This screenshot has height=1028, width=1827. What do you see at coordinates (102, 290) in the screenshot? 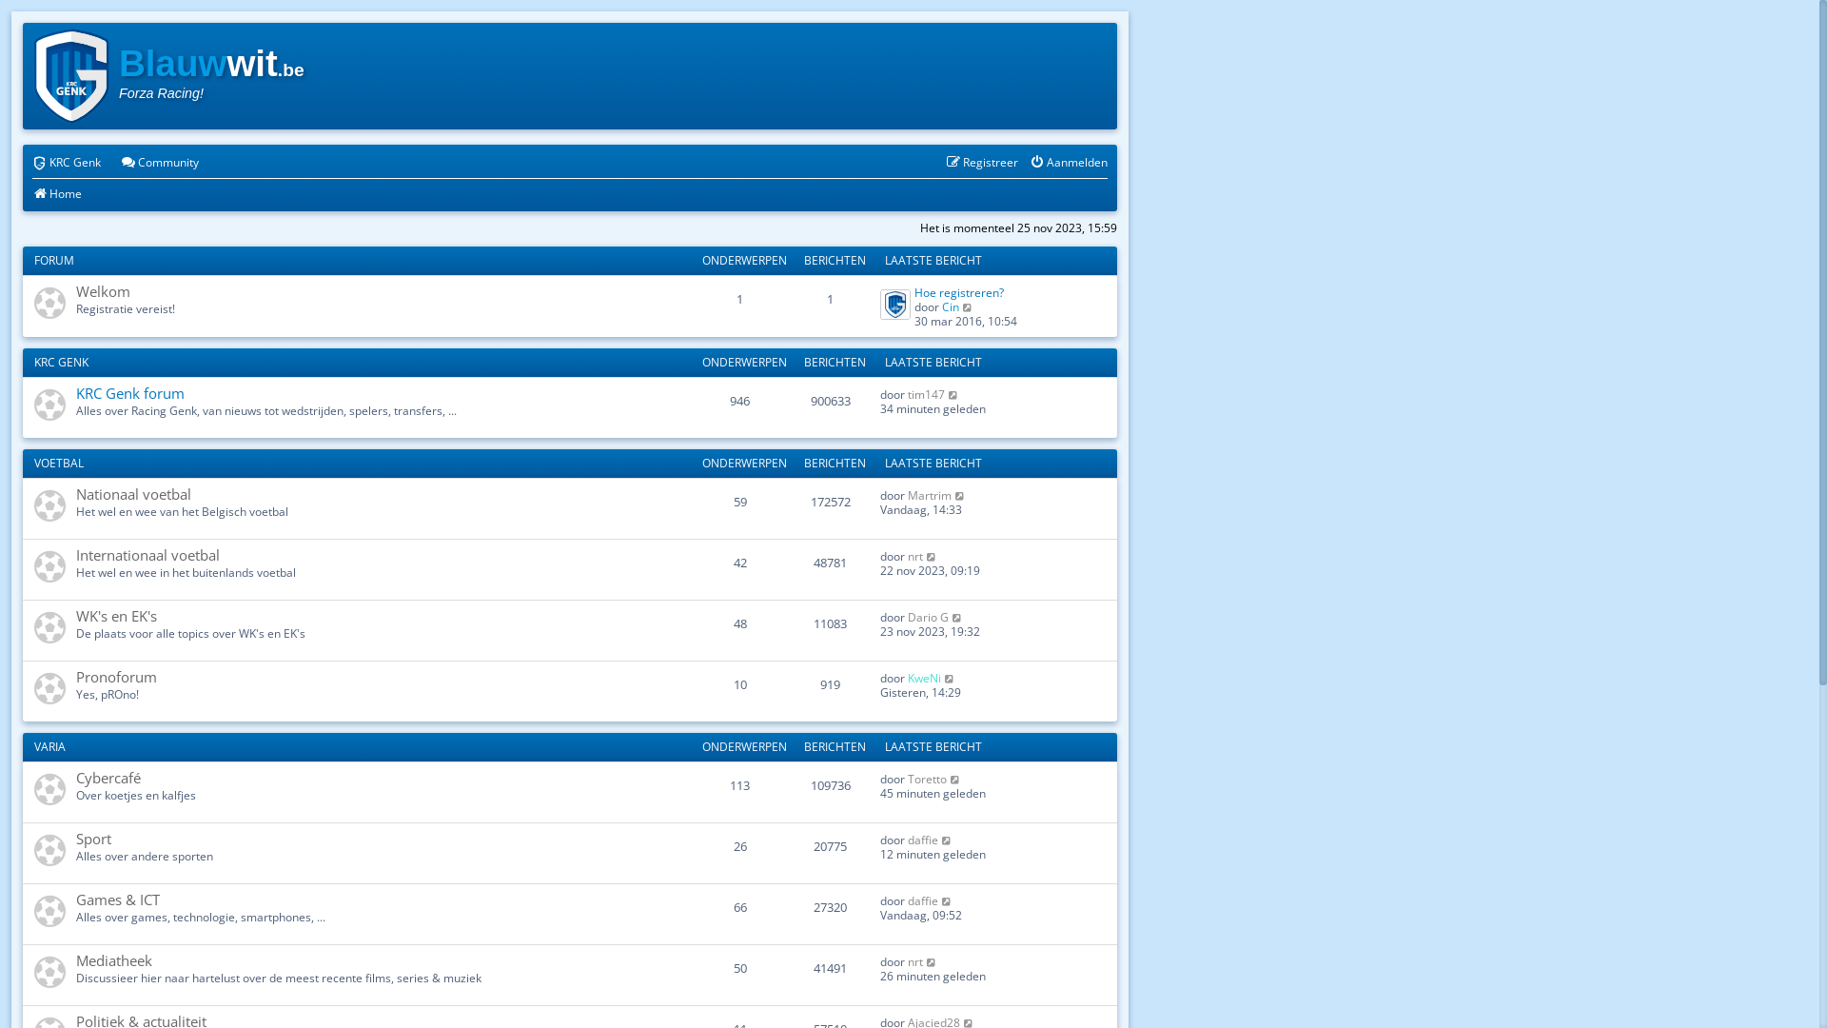
I see `'Welkom'` at bounding box center [102, 290].